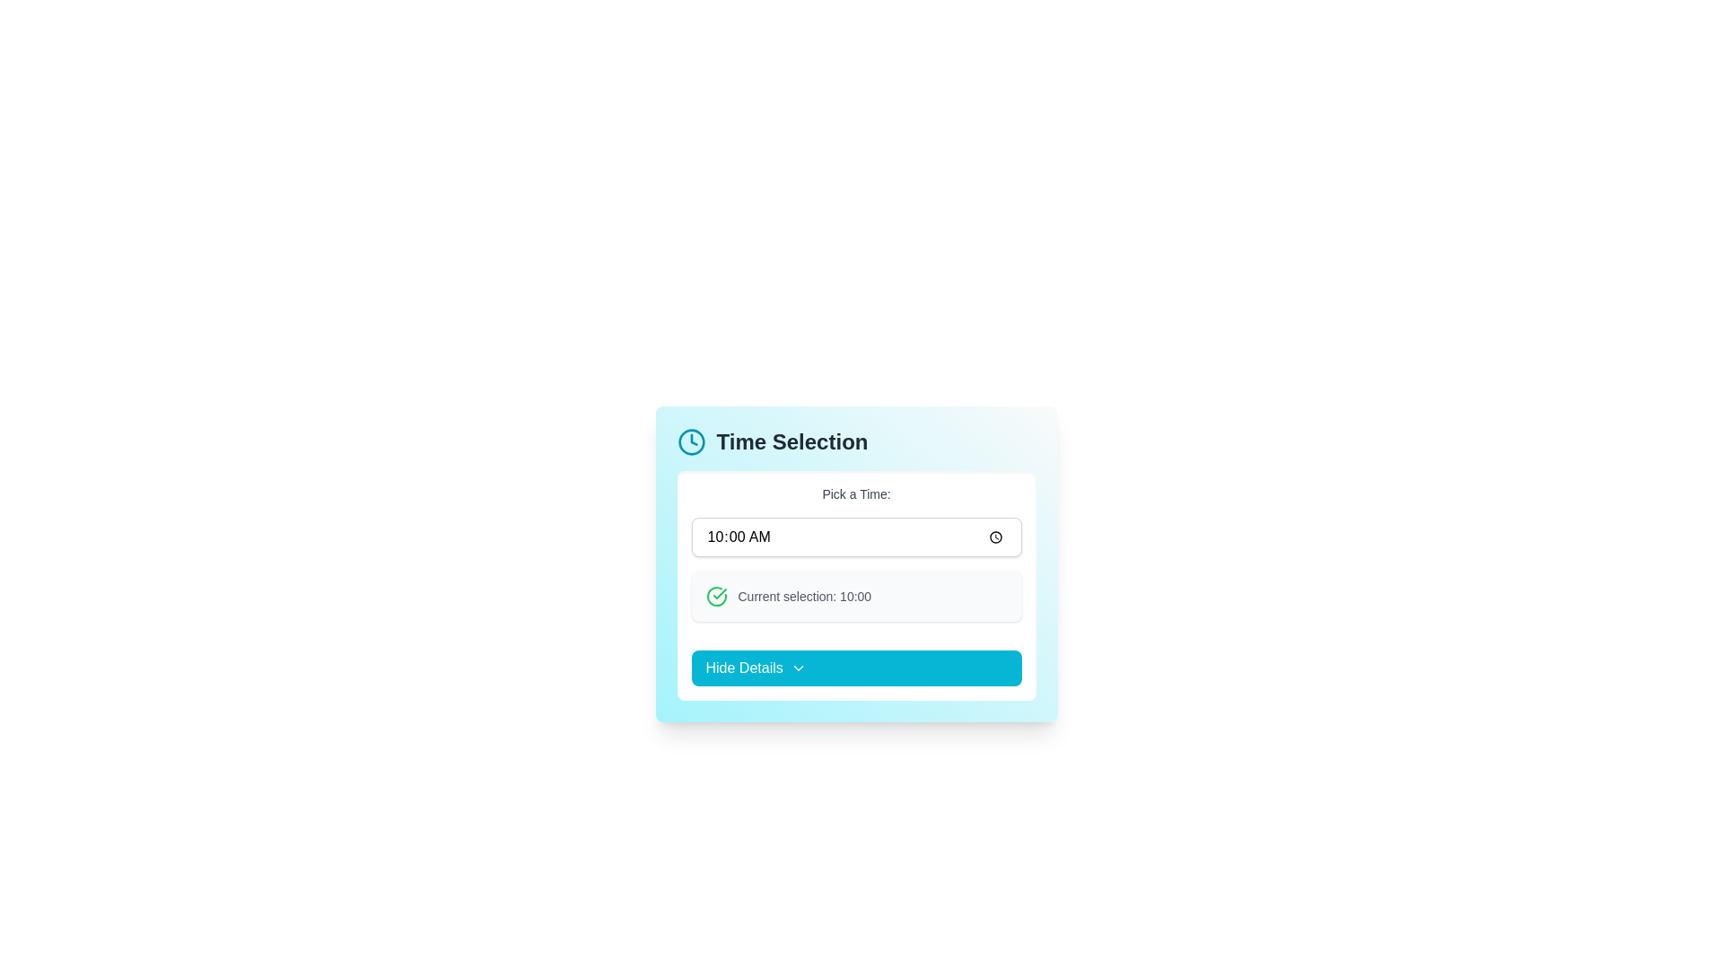 This screenshot has width=1723, height=969. Describe the element at coordinates (792, 442) in the screenshot. I see `the bold, large-sized text label reading 'Time Selection' in dark gray, prominently displayed in a light-themed interface` at that location.